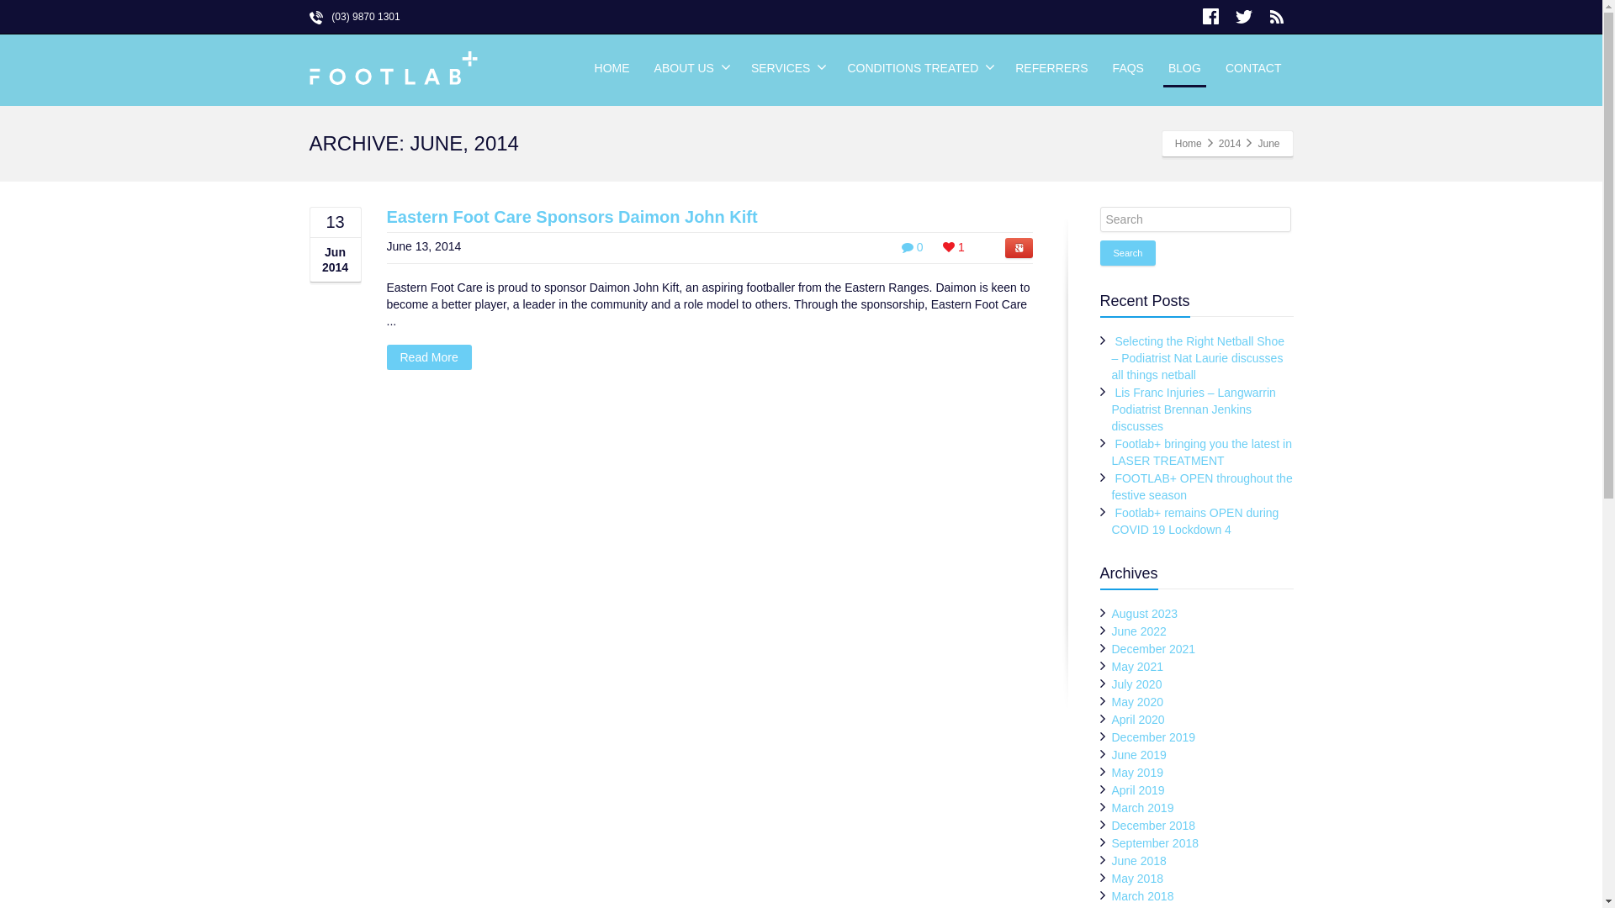 The image size is (1615, 908). What do you see at coordinates (572, 216) in the screenshot?
I see `'Eastern Foot Care Sponsors Daimon John Kift'` at bounding box center [572, 216].